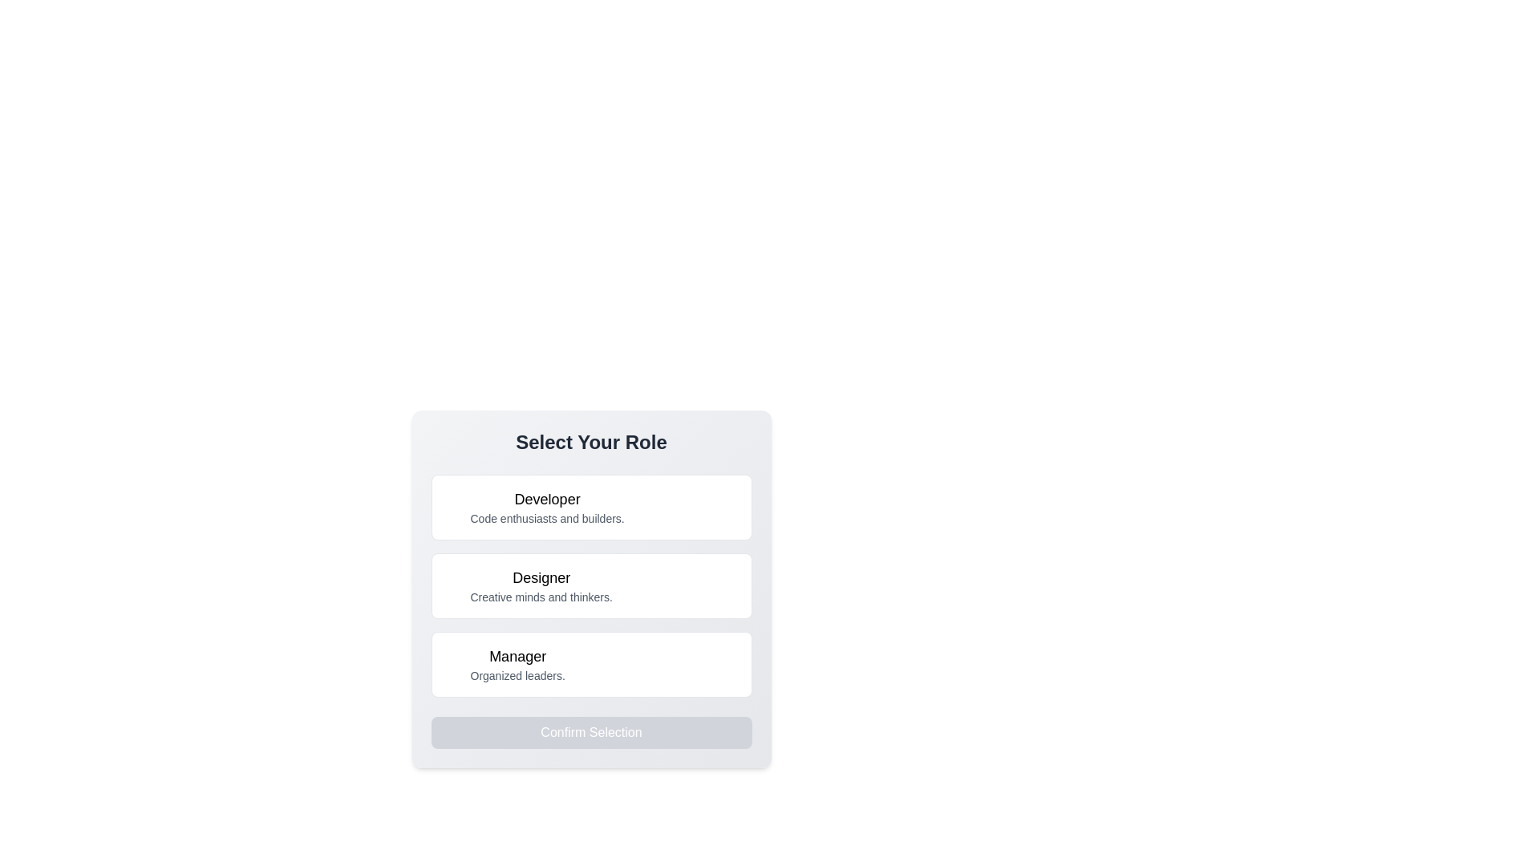 The image size is (1540, 866). I want to click on text label identifying the Manager role in the 'Select Your Role' section, which is positioned above the subtext 'Organized leaders.', so click(517, 656).